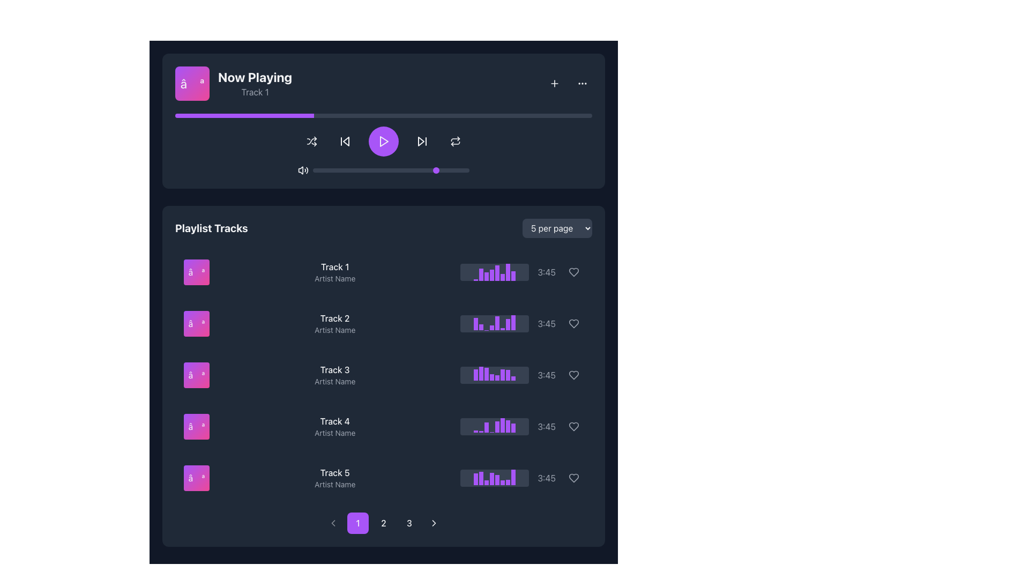 Image resolution: width=1029 pixels, height=579 pixels. Describe the element at coordinates (481, 326) in the screenshot. I see `the second vertical purple progress bar in the mini bar chart representing audio levels for 'Track 2' in the playlist interface` at that location.